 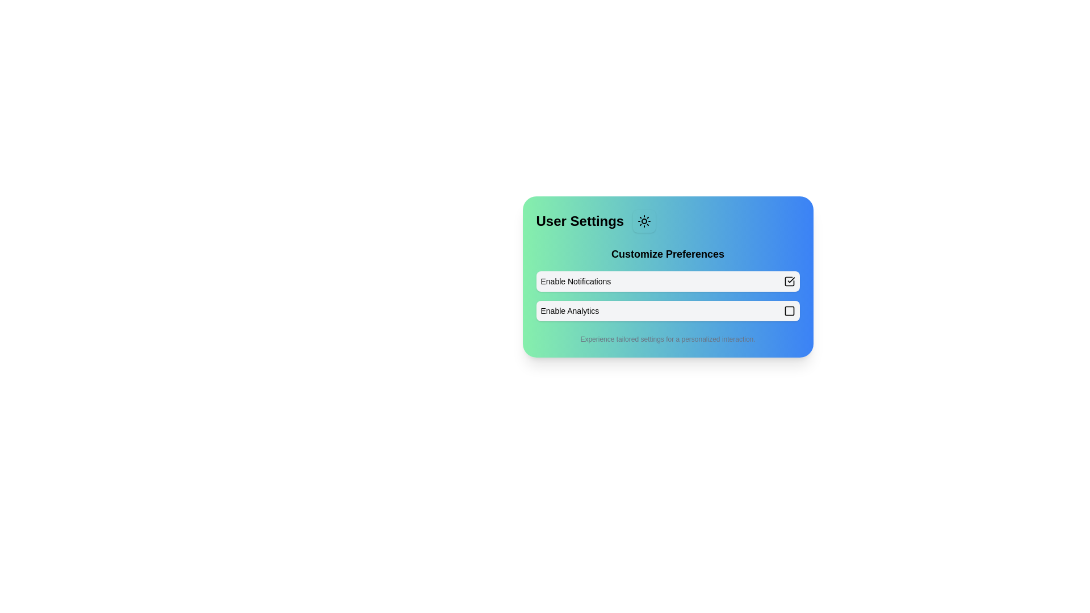 I want to click on the checkbox in the bottom-right corner of the section labeled 'Enable Analytics', so click(x=789, y=310).